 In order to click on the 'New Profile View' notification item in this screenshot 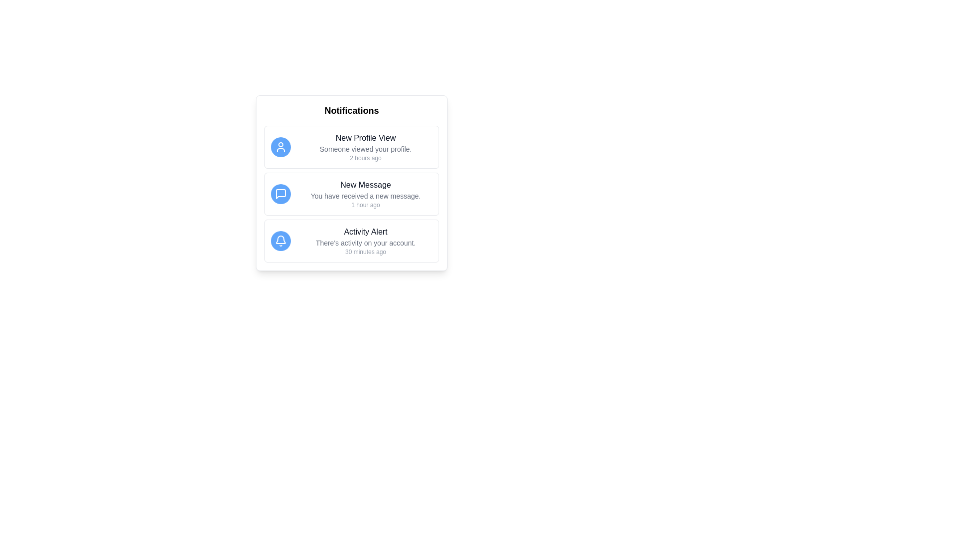, I will do `click(352, 147)`.